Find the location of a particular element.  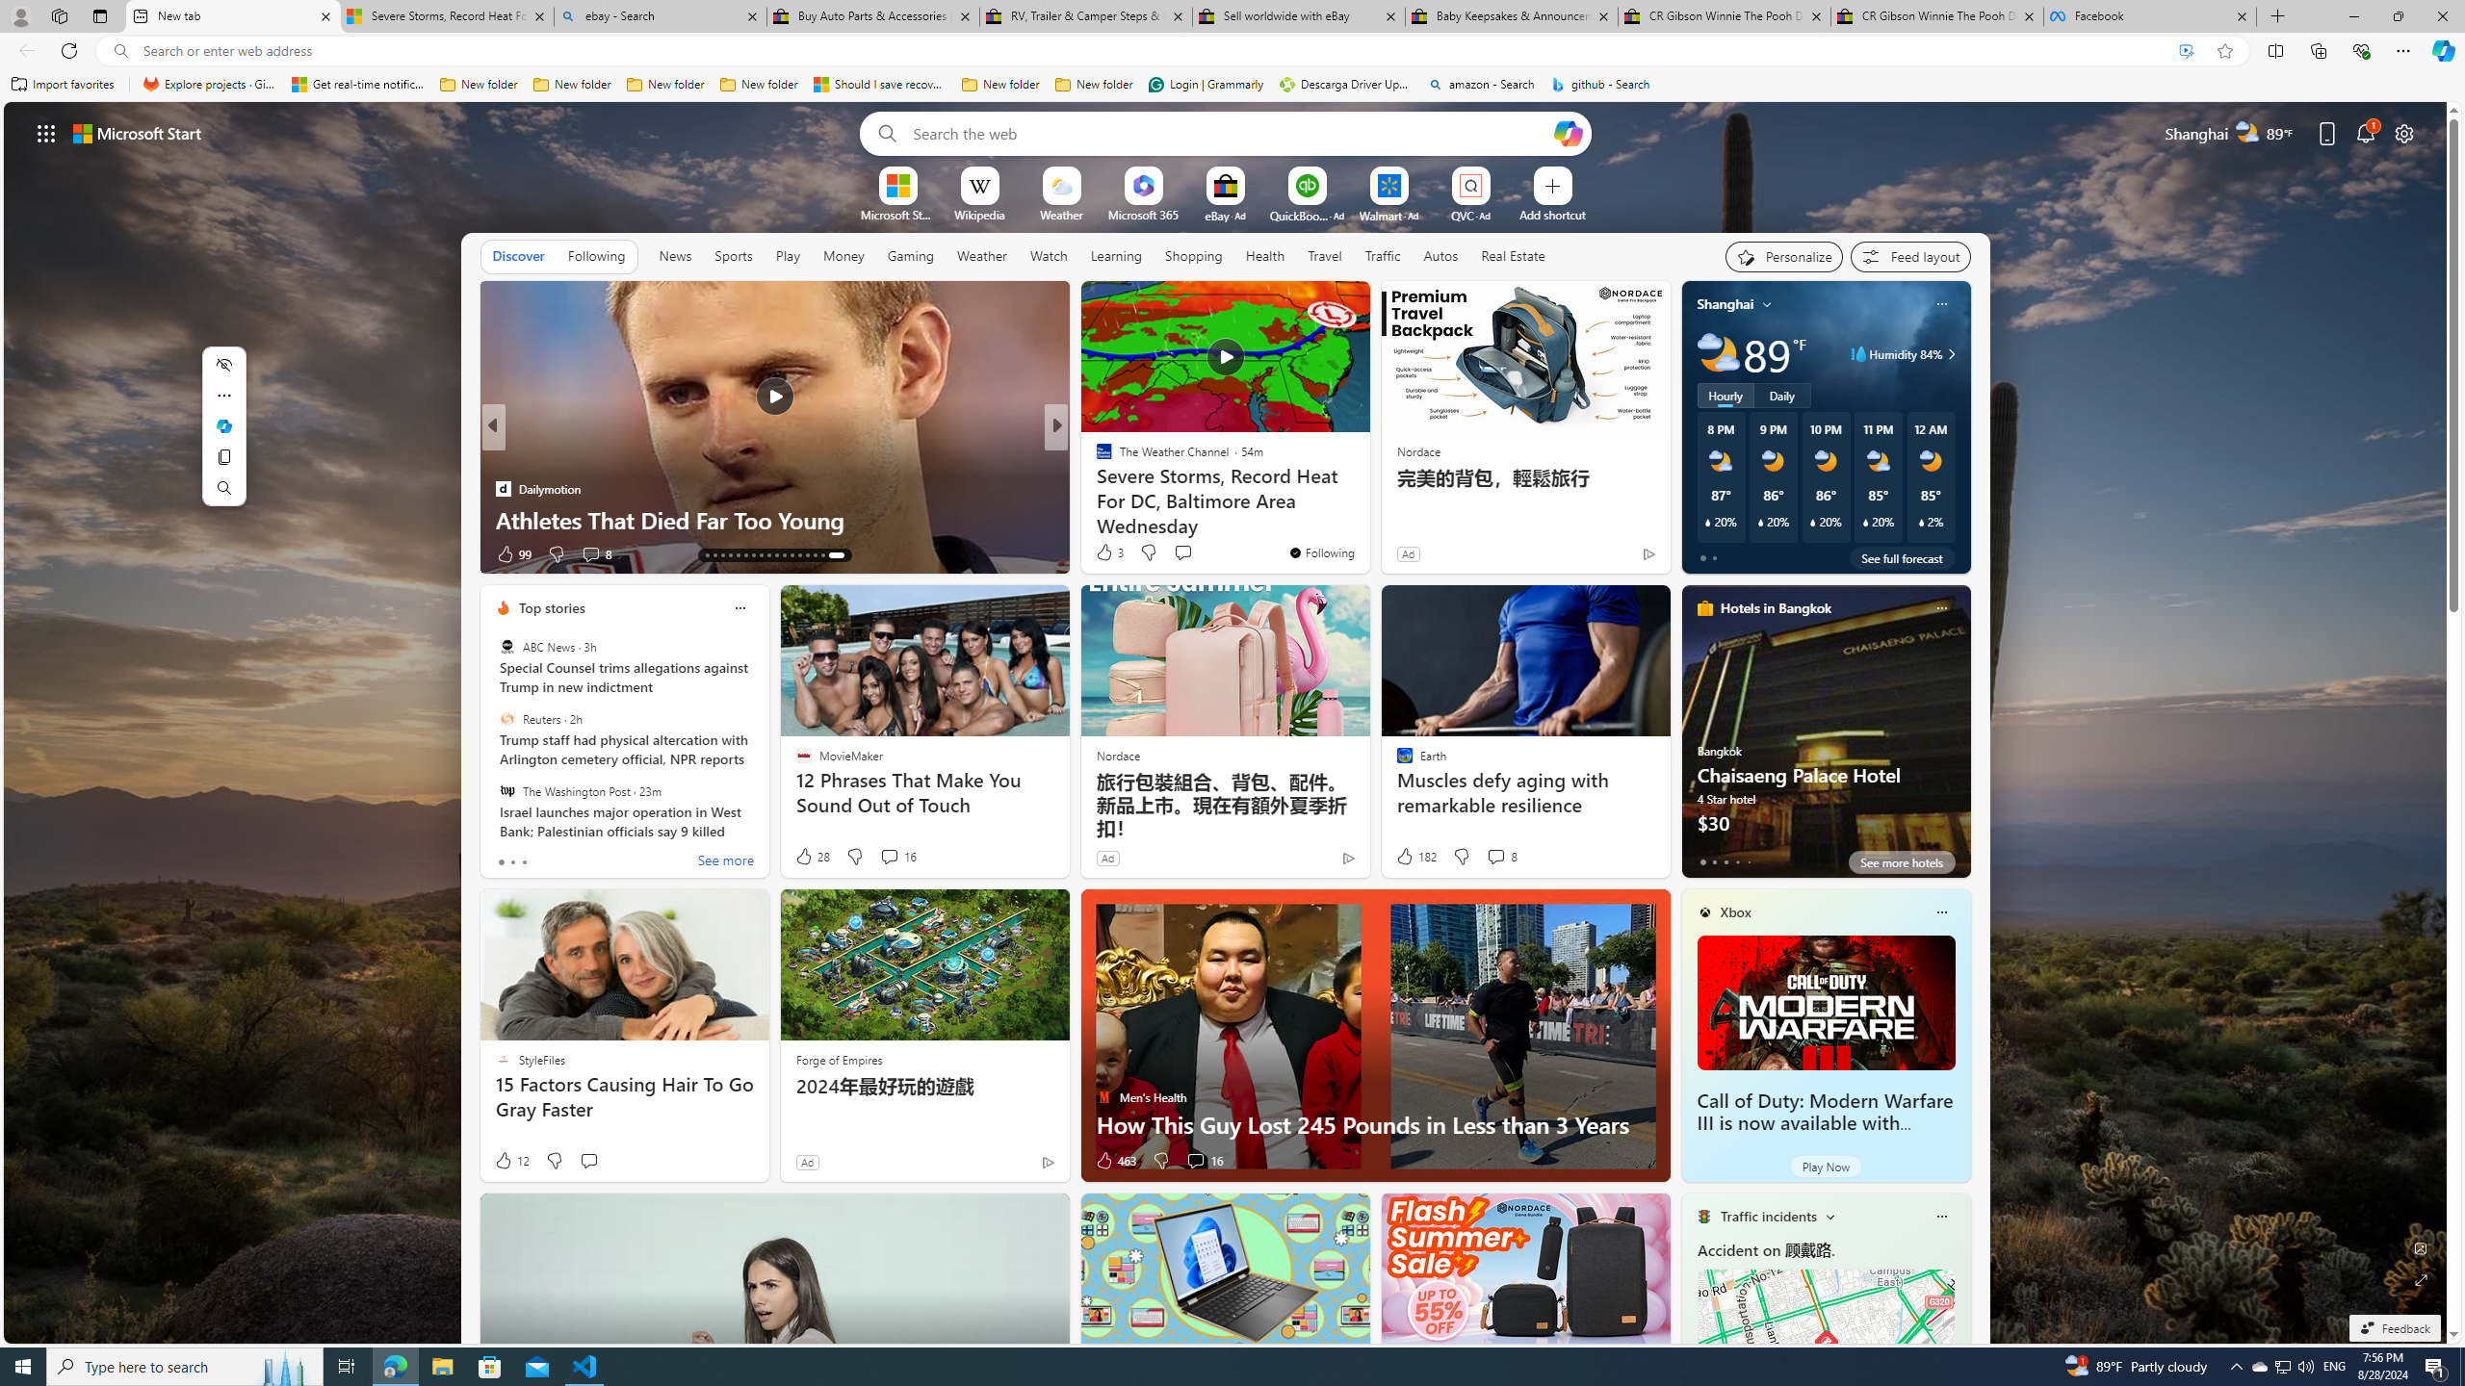

'Hide menu' is located at coordinates (223, 364).